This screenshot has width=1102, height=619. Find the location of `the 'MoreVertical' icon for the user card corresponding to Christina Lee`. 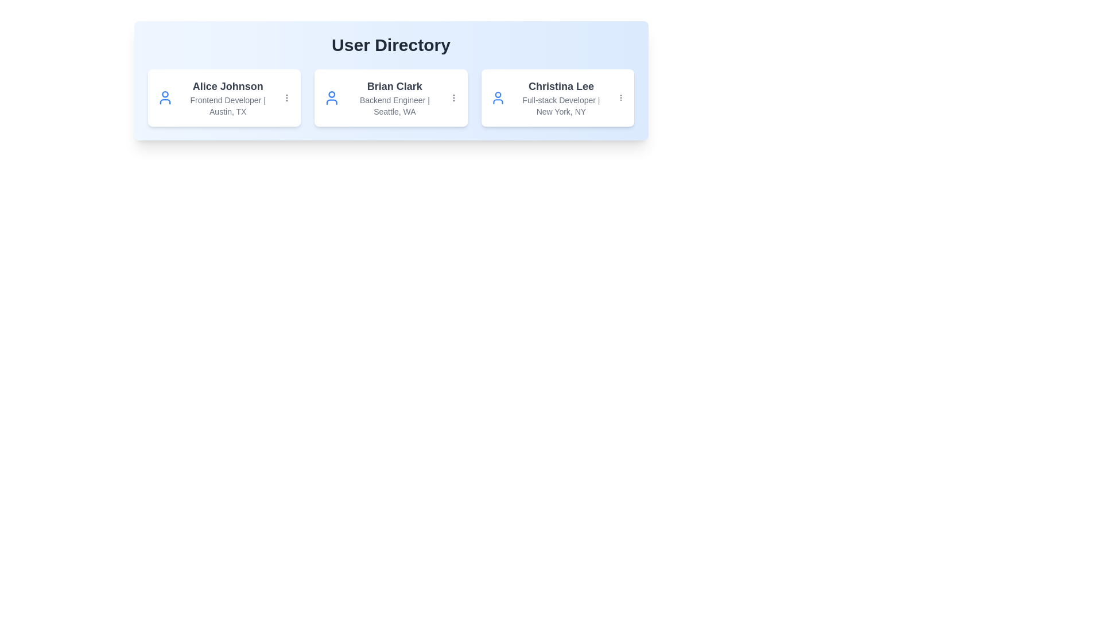

the 'MoreVertical' icon for the user card corresponding to Christina Lee is located at coordinates (620, 97).